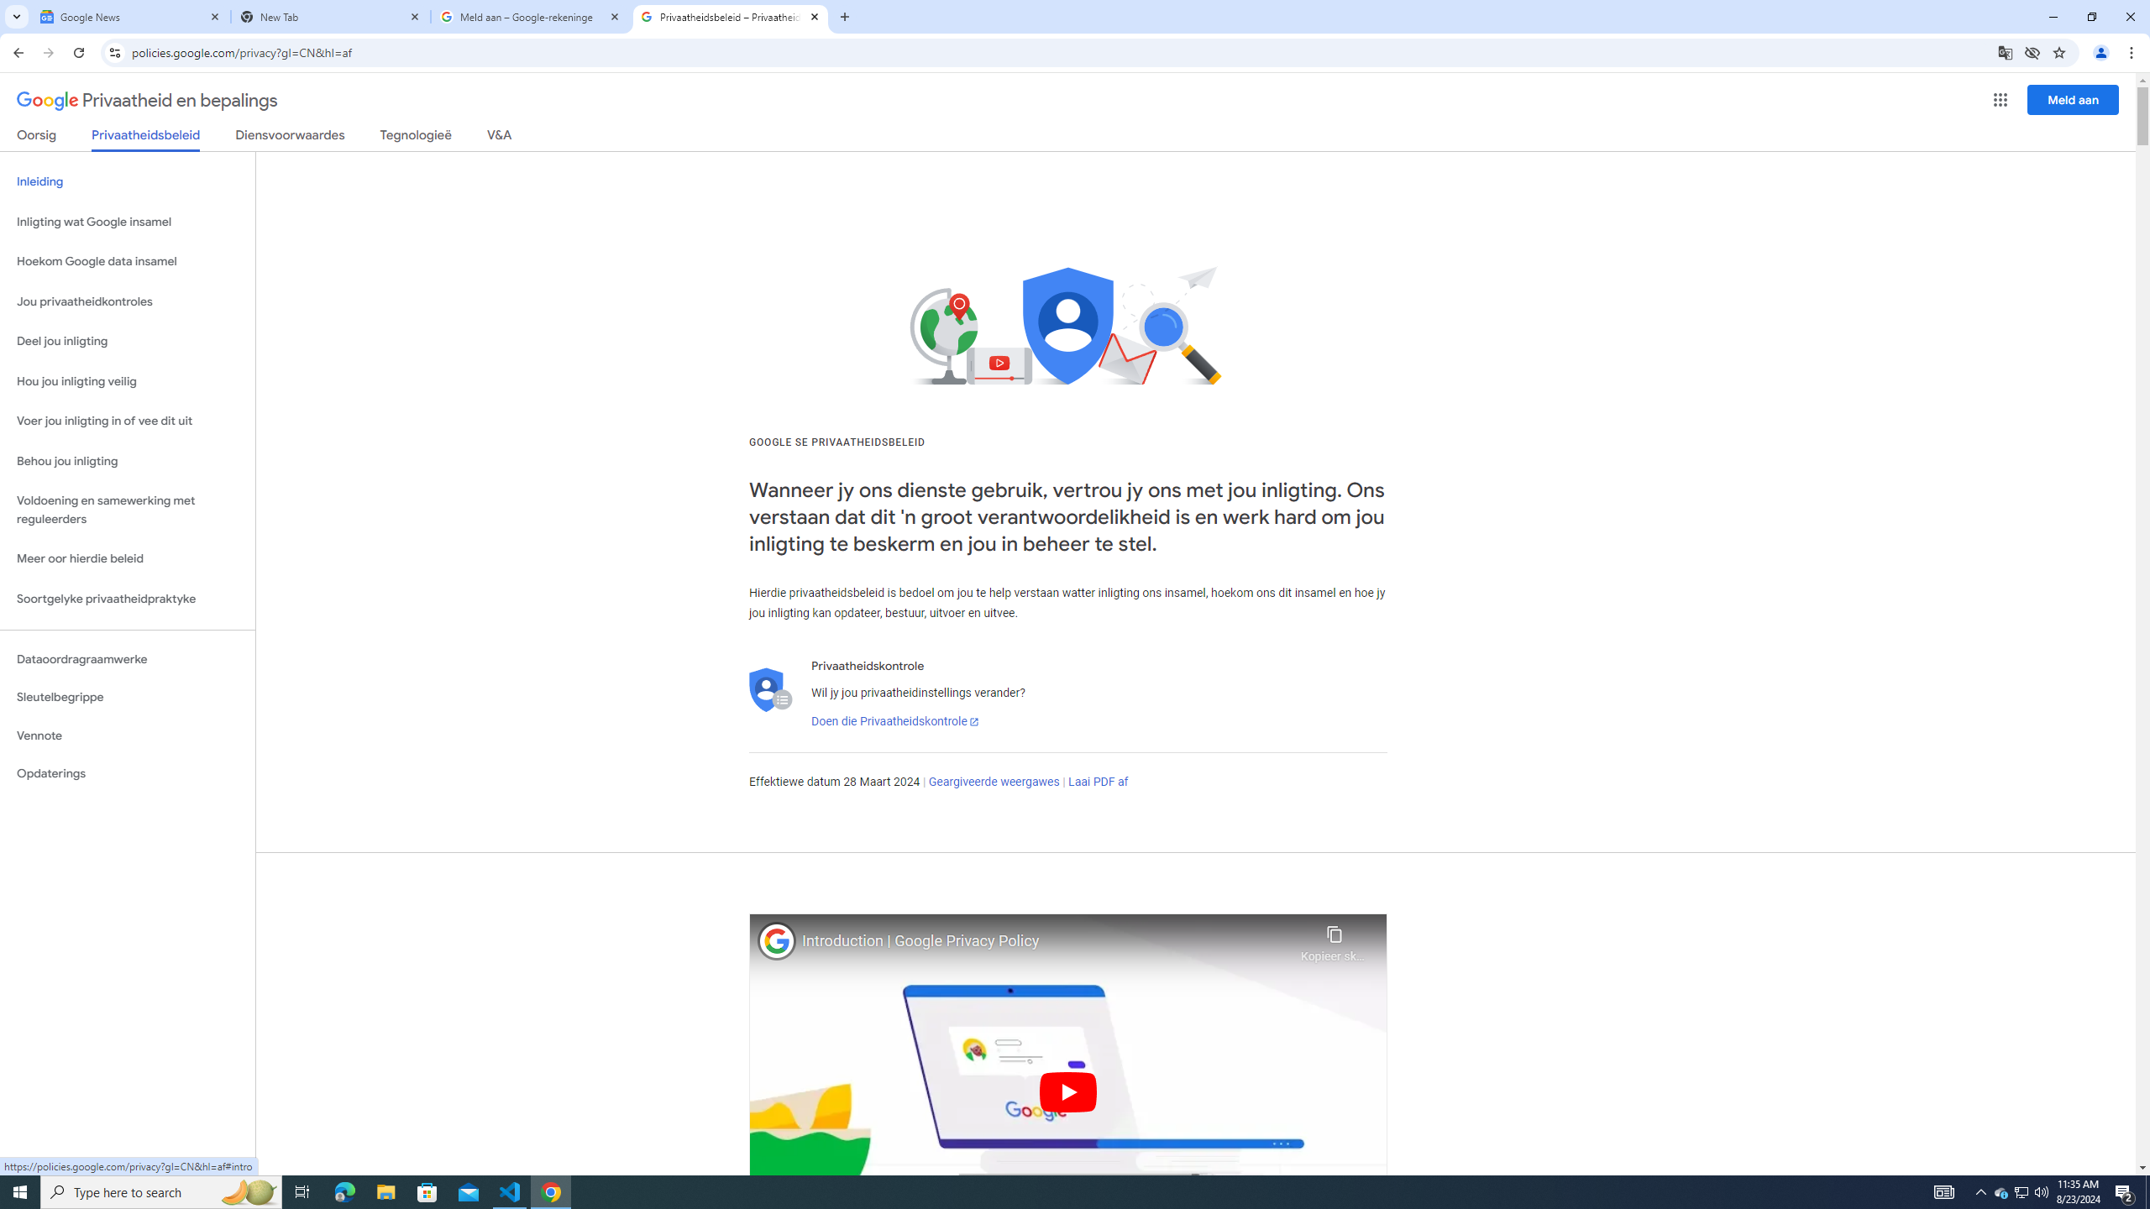  I want to click on 'Translate this page', so click(2006, 51).